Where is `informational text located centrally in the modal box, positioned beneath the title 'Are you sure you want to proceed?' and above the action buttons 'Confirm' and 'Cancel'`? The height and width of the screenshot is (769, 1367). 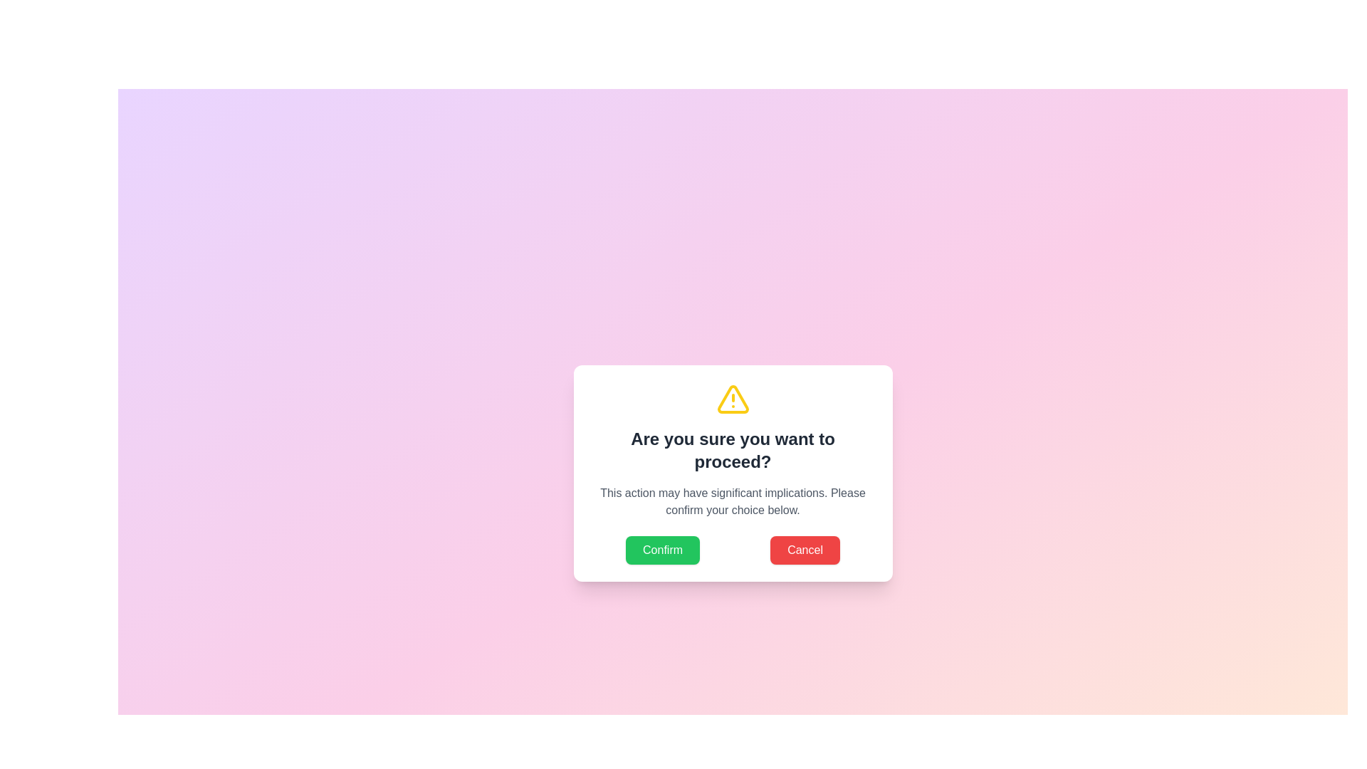
informational text located centrally in the modal box, positioned beneath the title 'Are you sure you want to proceed?' and above the action buttons 'Confirm' and 'Cancel' is located at coordinates (733, 501).